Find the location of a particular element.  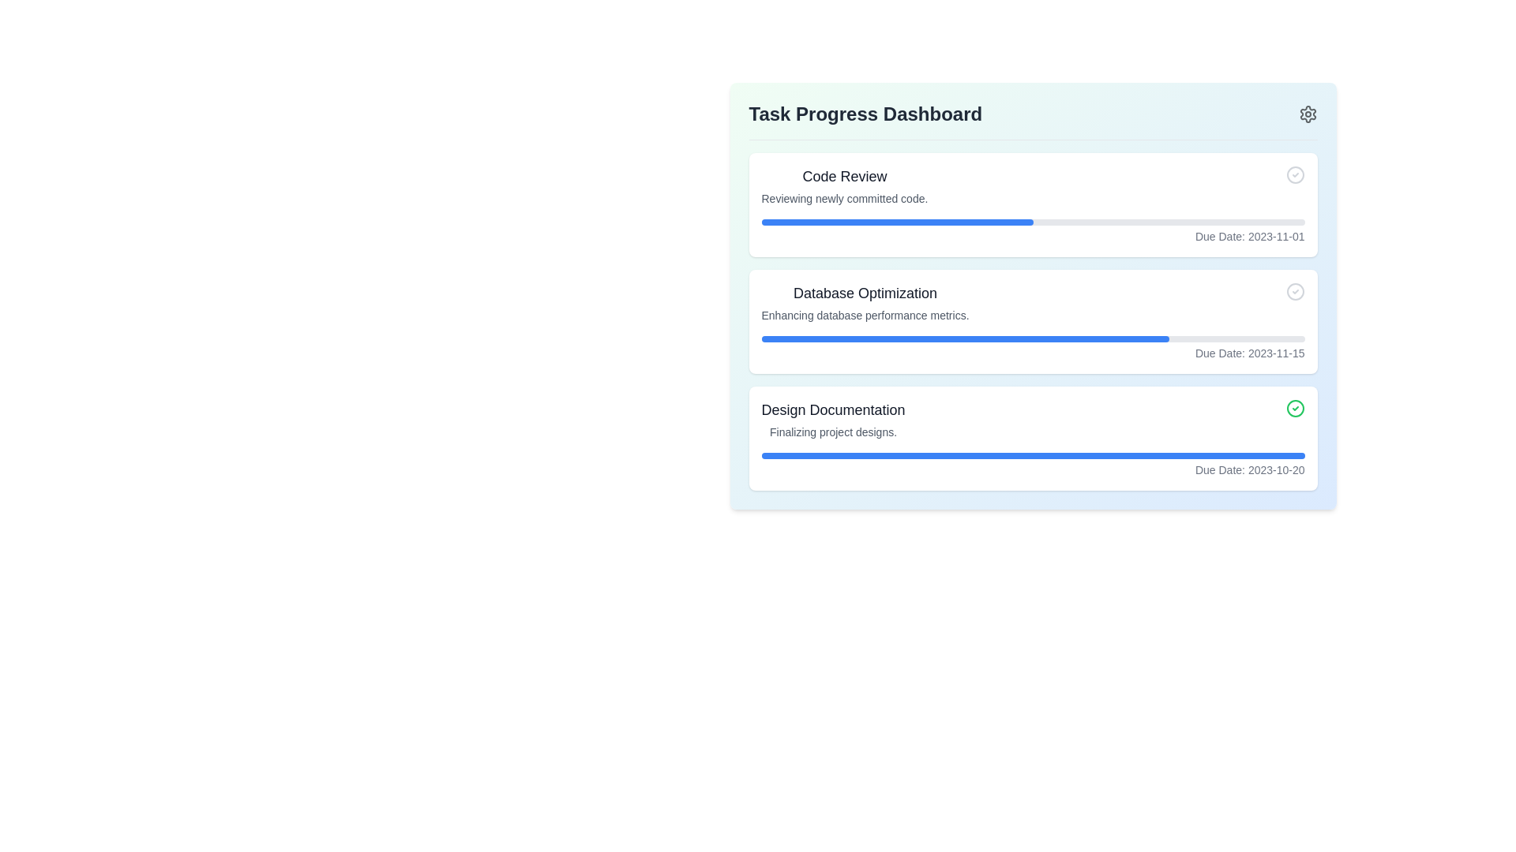

due date displayed on the progress bar for the 'Database Optimization' task, which is located below its header and above the 'Design Documentation' task entry is located at coordinates (1033, 348).